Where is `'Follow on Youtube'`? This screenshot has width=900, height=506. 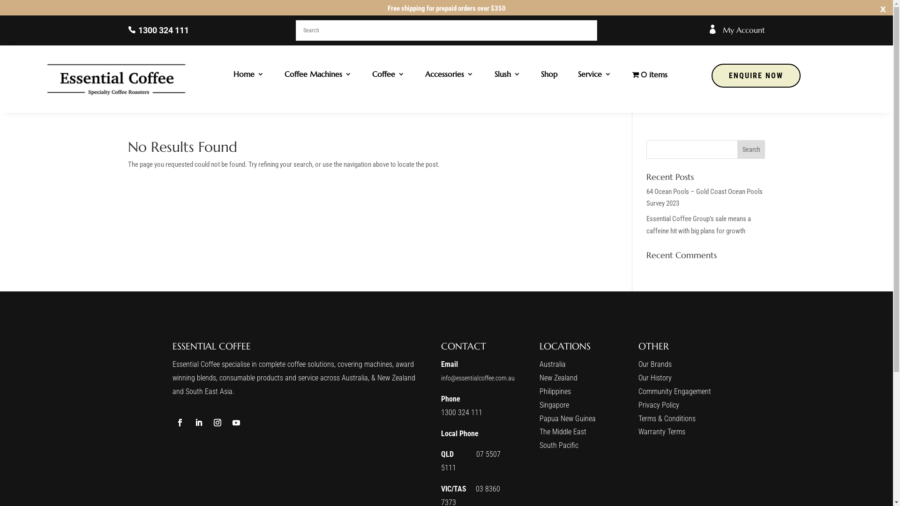 'Follow on Youtube' is located at coordinates (236, 423).